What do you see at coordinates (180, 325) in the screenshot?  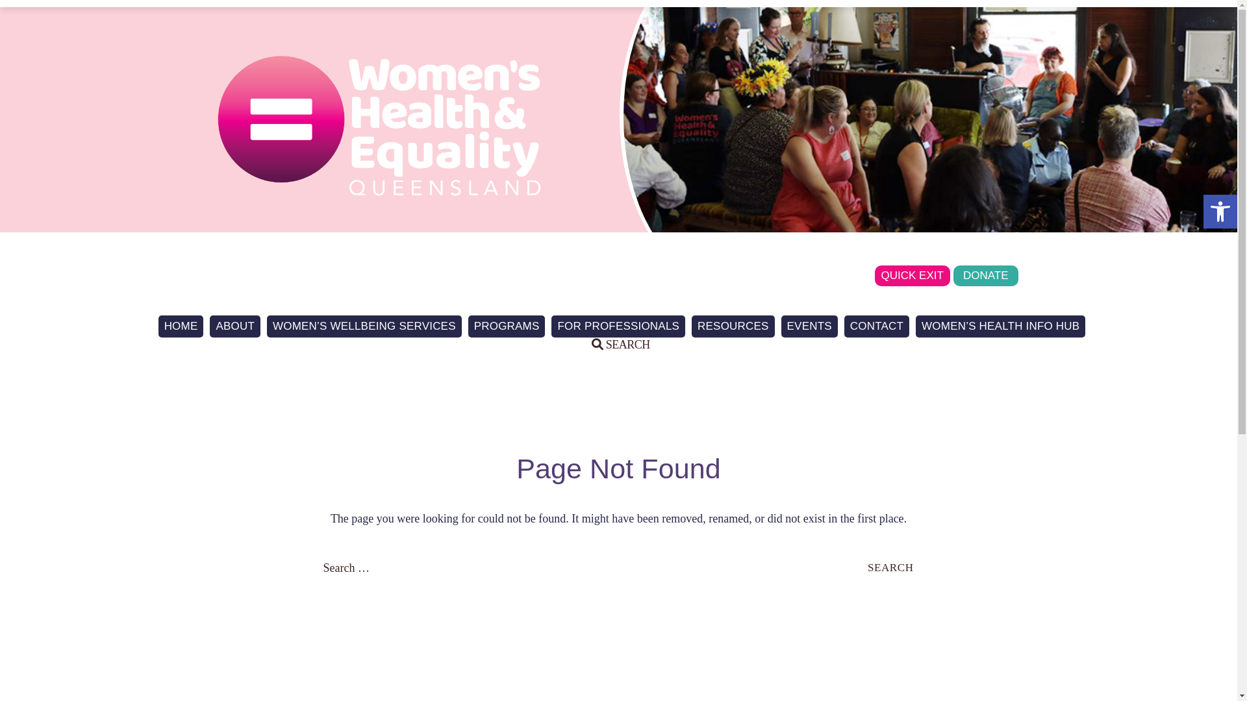 I see `'HOME'` at bounding box center [180, 325].